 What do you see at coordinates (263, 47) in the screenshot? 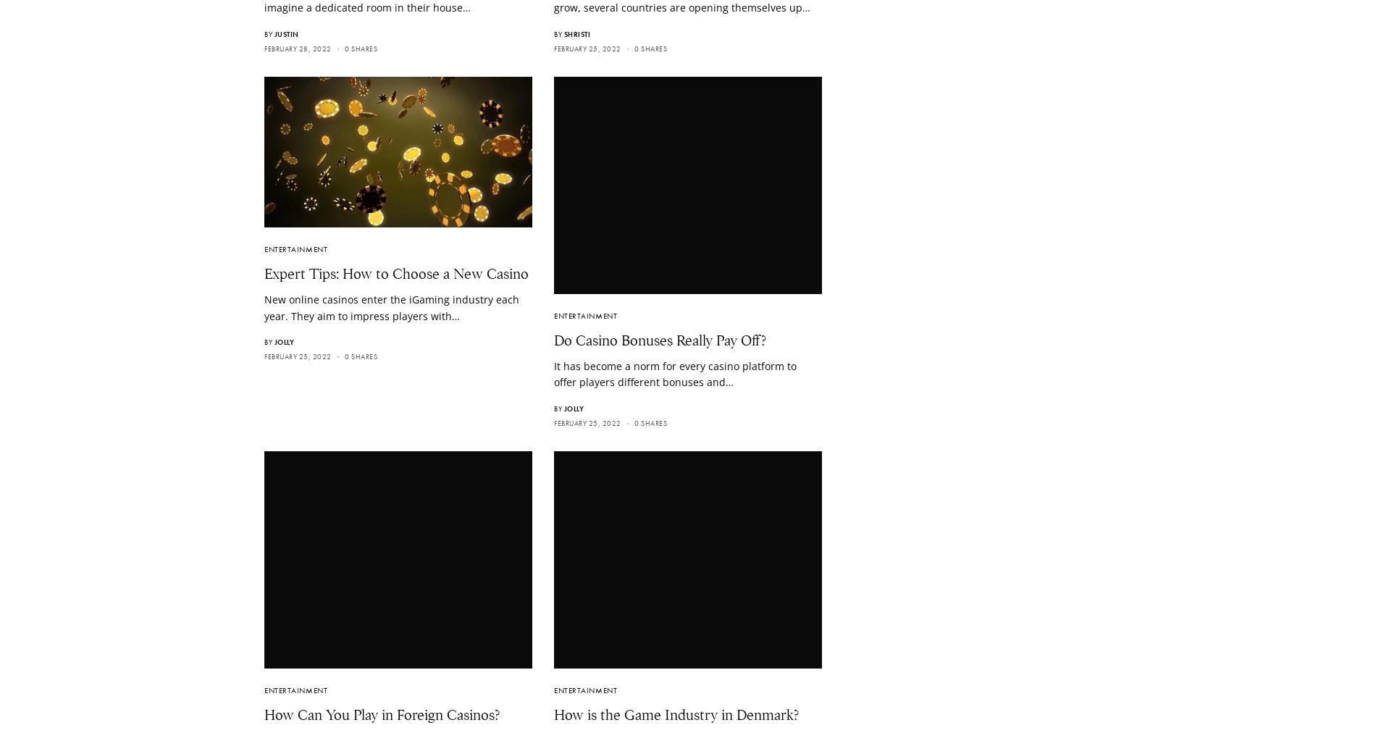
I see `'February 28, 2022'` at bounding box center [263, 47].